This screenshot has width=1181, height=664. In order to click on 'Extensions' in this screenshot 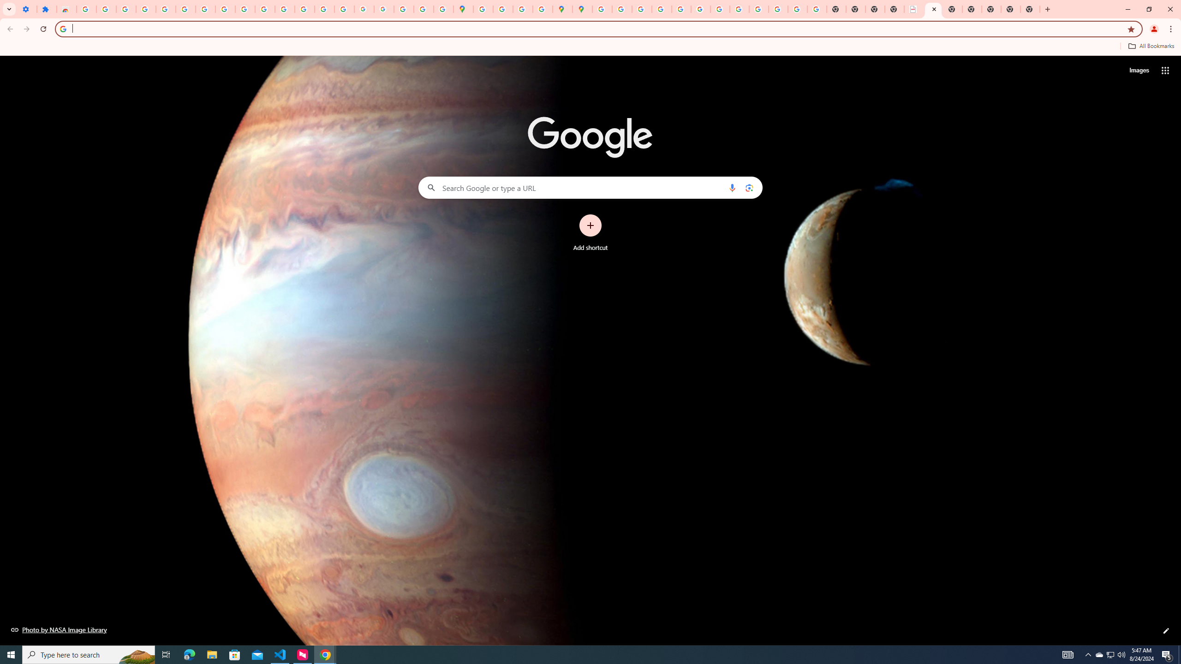, I will do `click(47, 9)`.